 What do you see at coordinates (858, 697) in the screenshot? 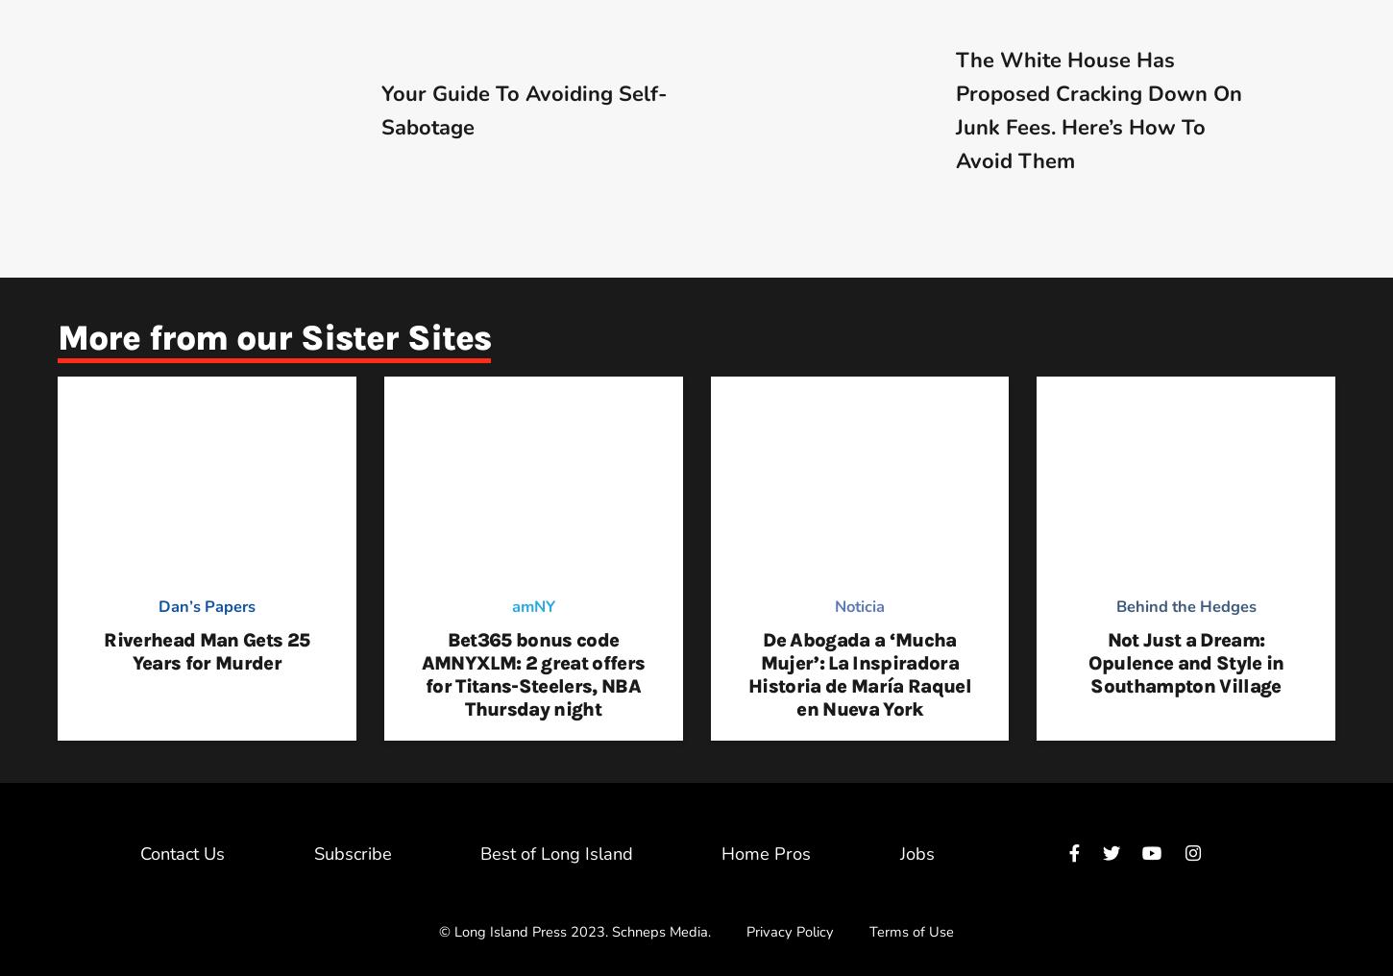
I see `'Historia de María Raquel en'` at bounding box center [858, 697].